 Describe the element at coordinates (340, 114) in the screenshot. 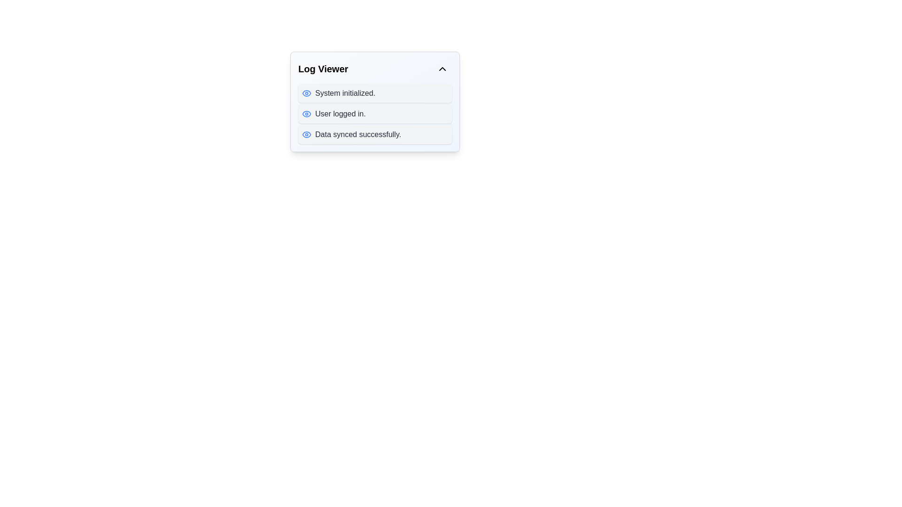

I see `the static text display that shows 'User logged in.' in gray font, located within the 'Log Viewer' panel, to the right of a blue eye icon` at that location.